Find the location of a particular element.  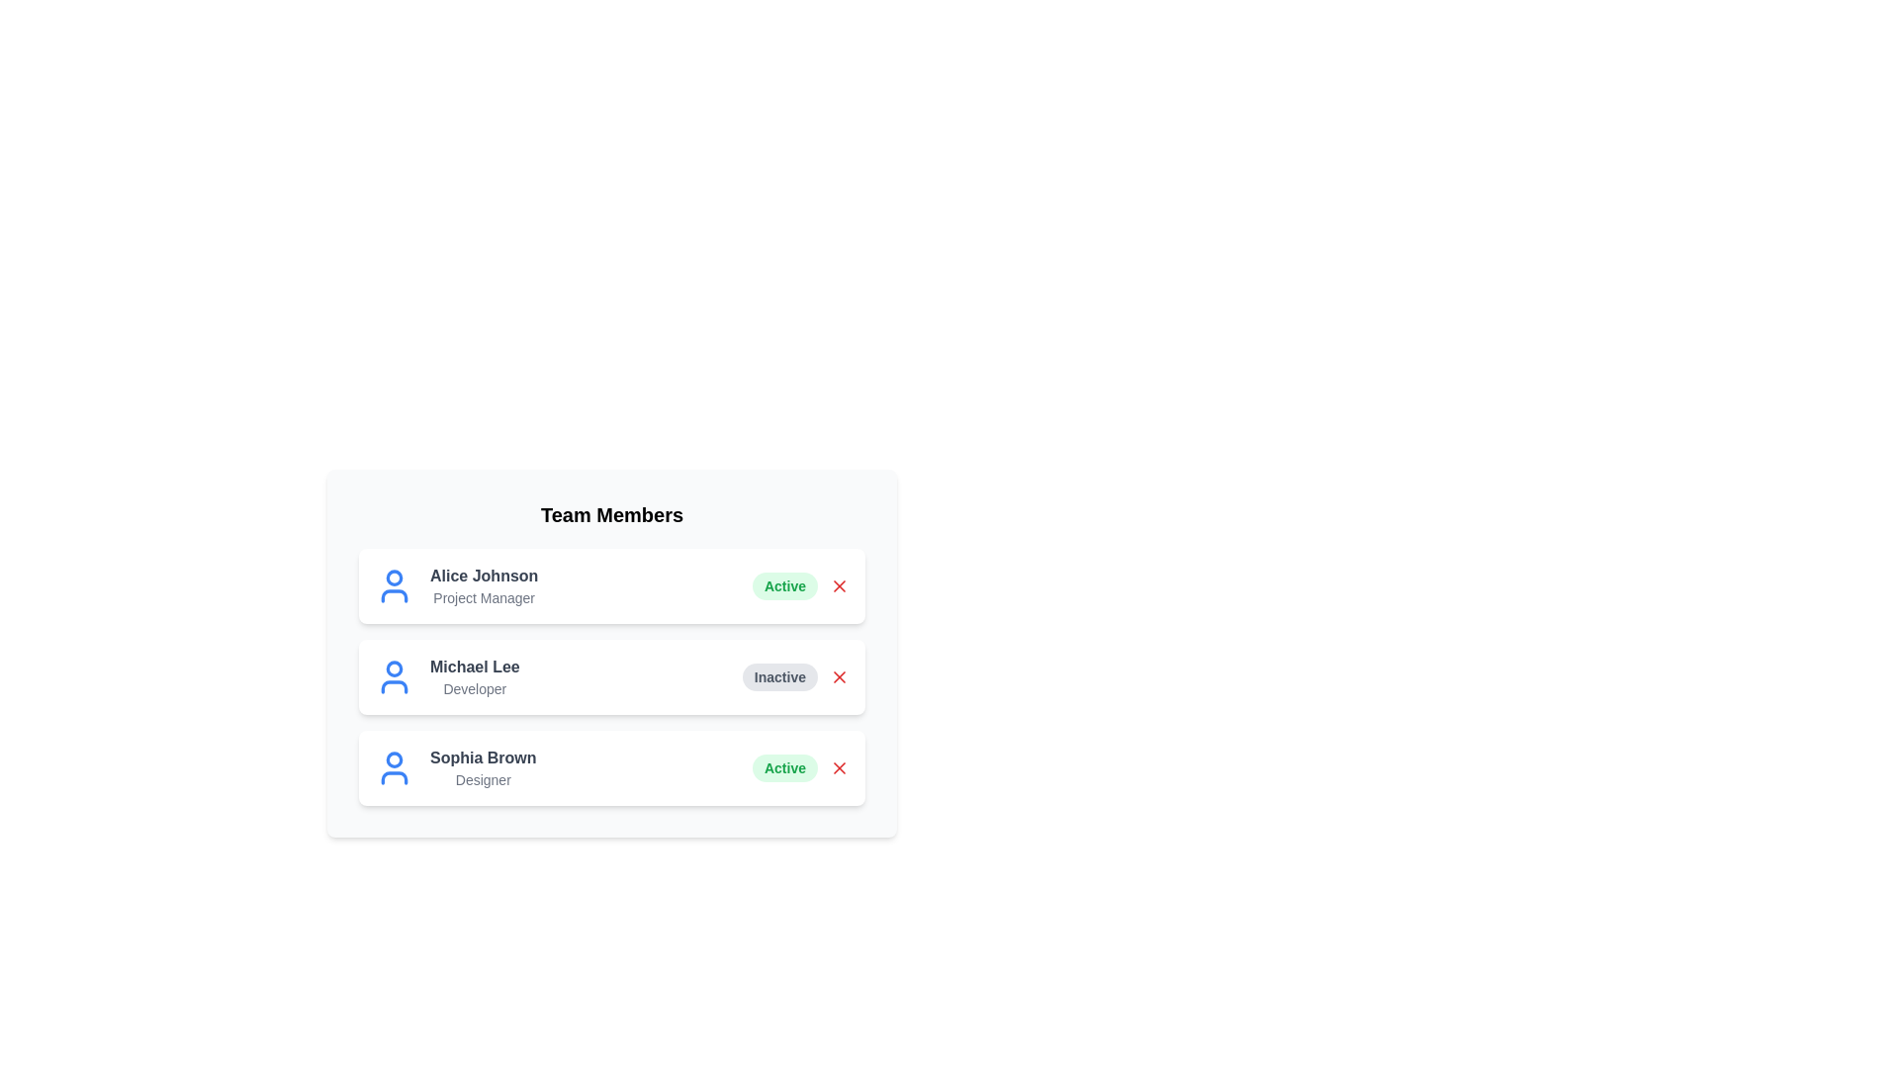

'X' button next to the member Sophia Brown to remove them from the team is located at coordinates (840, 766).